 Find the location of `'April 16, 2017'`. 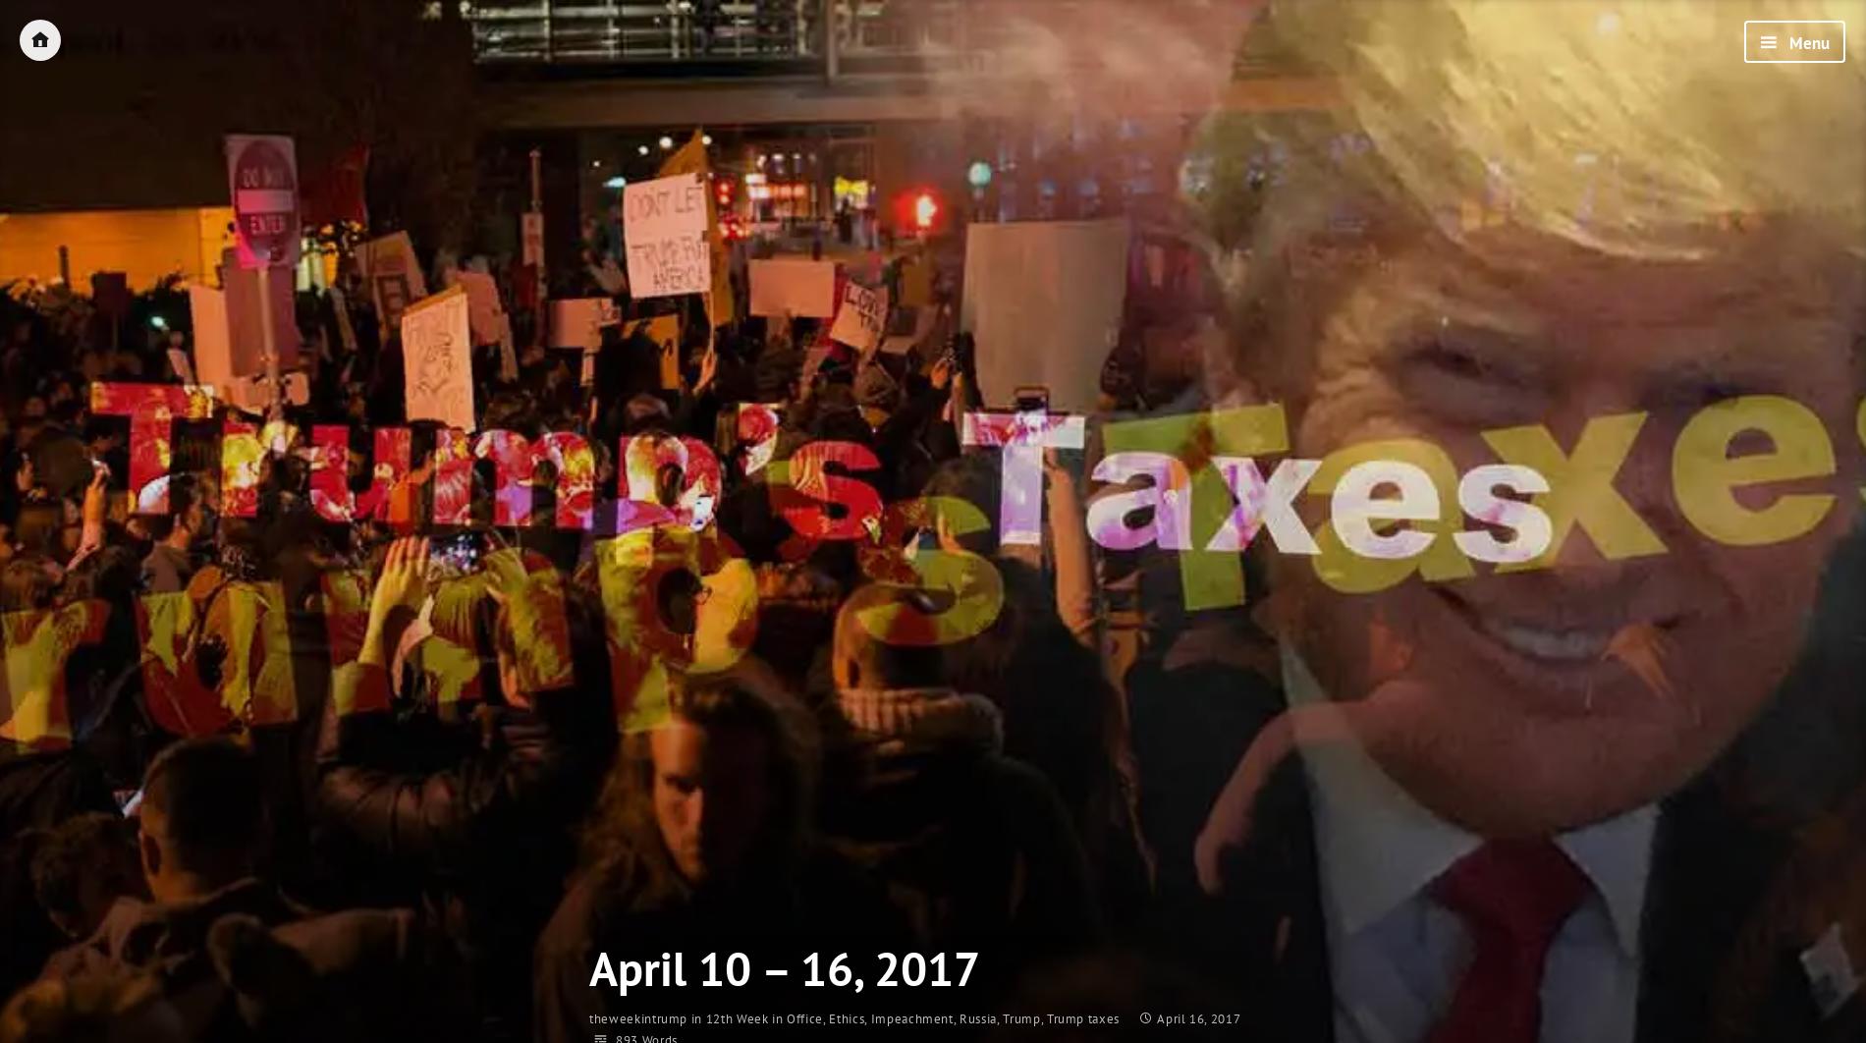

'April 16, 2017' is located at coordinates (1197, 1017).